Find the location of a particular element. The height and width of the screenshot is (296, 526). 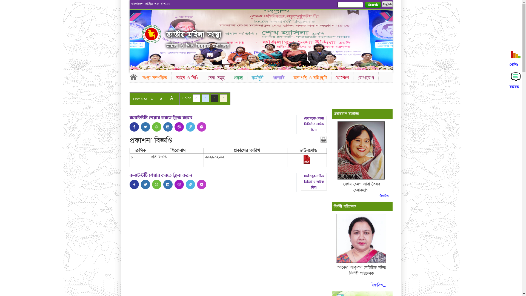

'English' is located at coordinates (387, 4).